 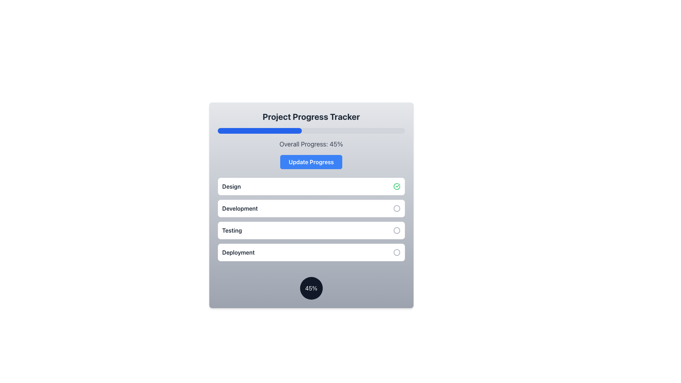 I want to click on the Circular Badge that displays the current project progress percentage, located at the bottom center of the main interface beneath the task list, so click(x=311, y=288).